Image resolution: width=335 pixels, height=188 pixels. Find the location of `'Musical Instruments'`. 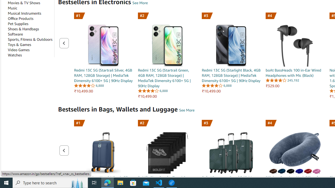

'Musical Instruments' is located at coordinates (24, 13).